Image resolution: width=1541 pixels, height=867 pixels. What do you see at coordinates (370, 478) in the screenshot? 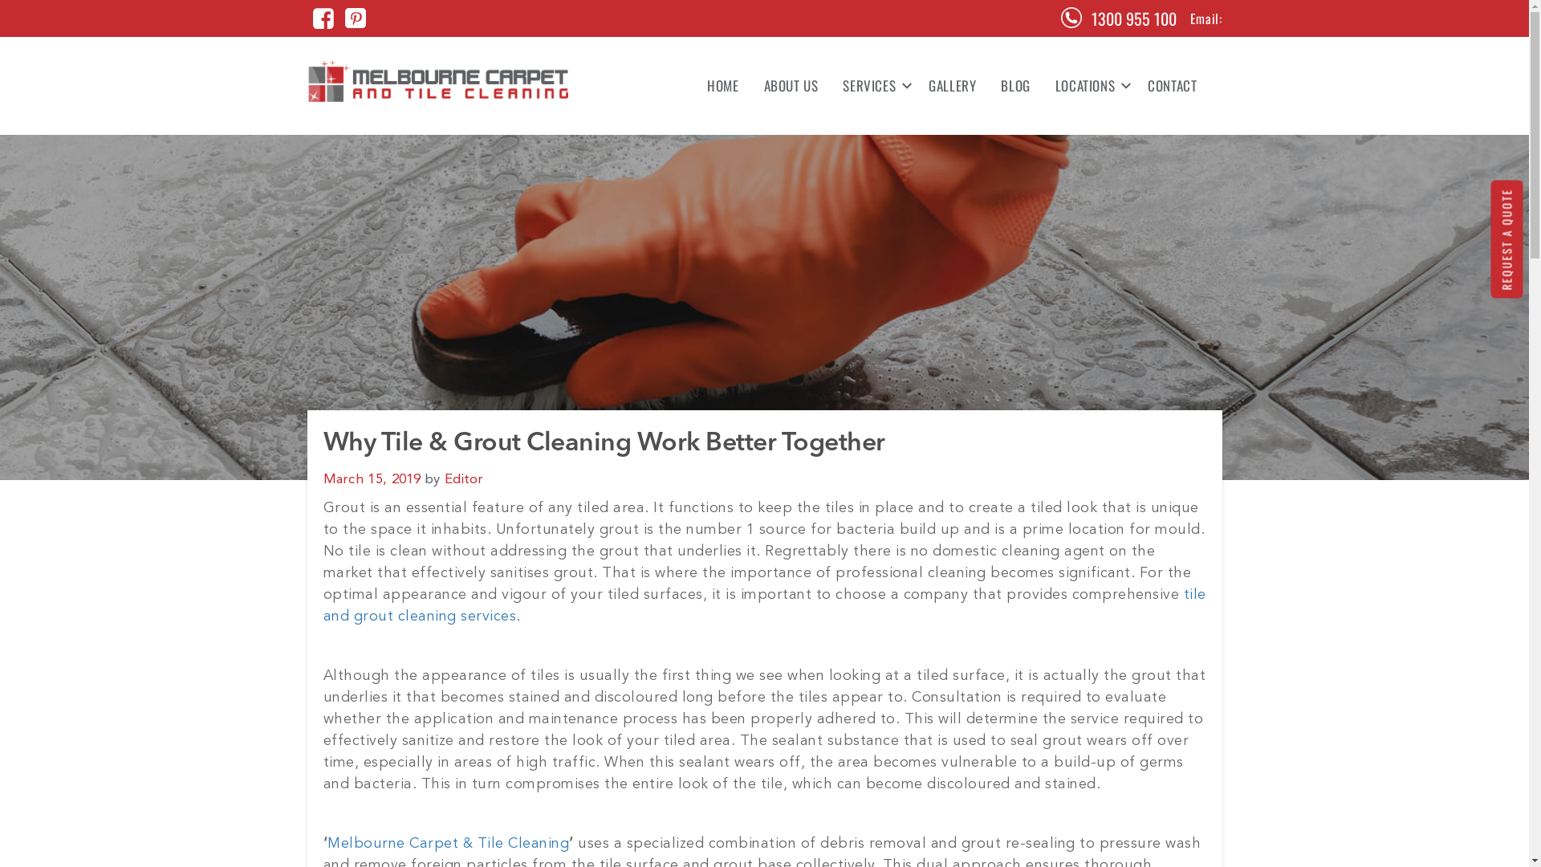
I see `'March 15, 2019'` at bounding box center [370, 478].